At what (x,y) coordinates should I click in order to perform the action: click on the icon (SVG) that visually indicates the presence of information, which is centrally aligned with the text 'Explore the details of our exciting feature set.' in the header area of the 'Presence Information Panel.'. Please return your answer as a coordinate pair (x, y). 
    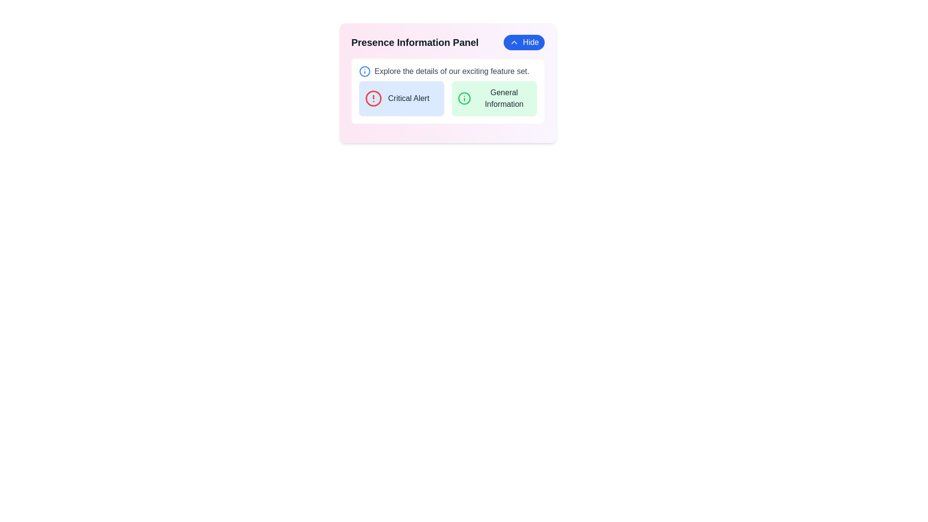
    Looking at the image, I should click on (364, 71).